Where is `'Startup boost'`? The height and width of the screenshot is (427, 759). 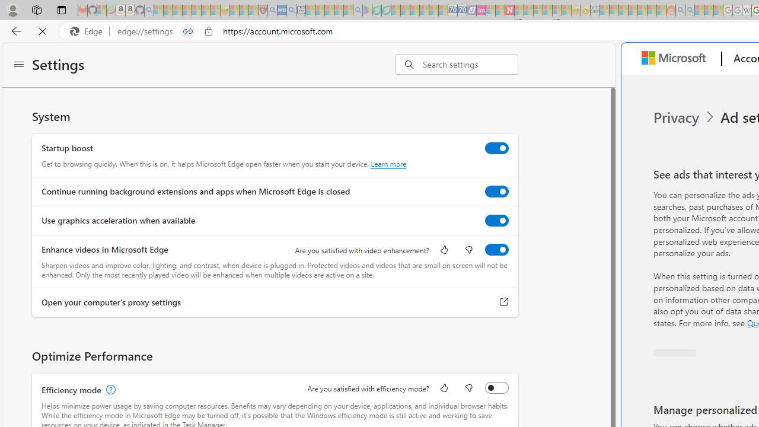
'Startup boost' is located at coordinates (496, 147).